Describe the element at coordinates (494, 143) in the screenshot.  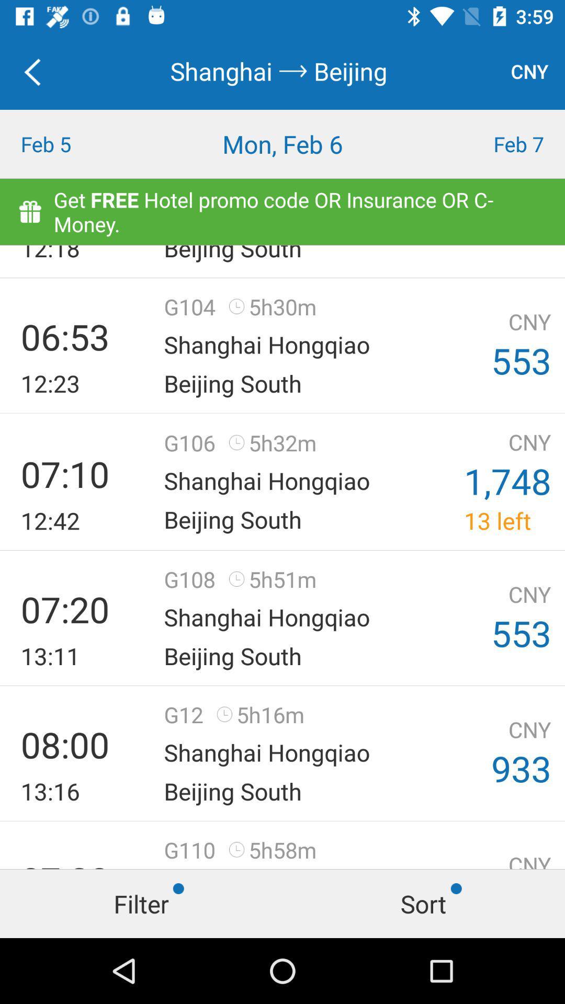
I see `icon next to the mon, feb 6 item` at that location.